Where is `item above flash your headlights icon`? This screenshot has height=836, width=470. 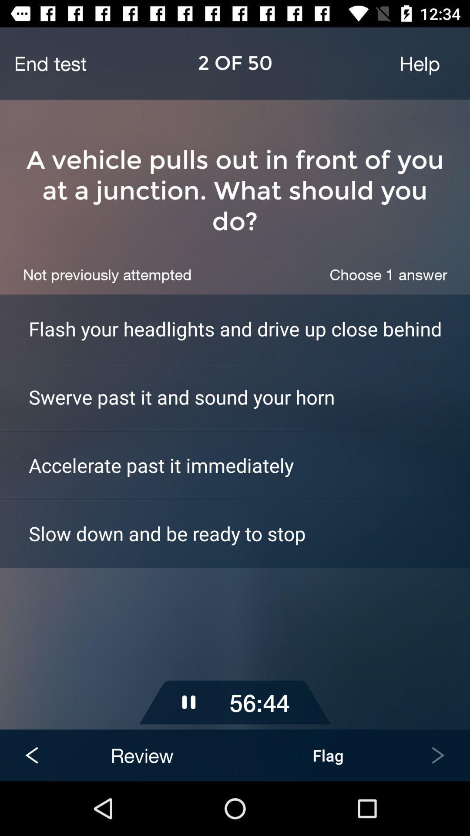 item above flash your headlights icon is located at coordinates (388, 274).